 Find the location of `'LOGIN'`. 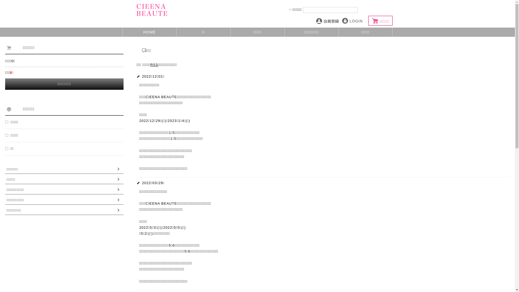

'LOGIN' is located at coordinates (353, 21).